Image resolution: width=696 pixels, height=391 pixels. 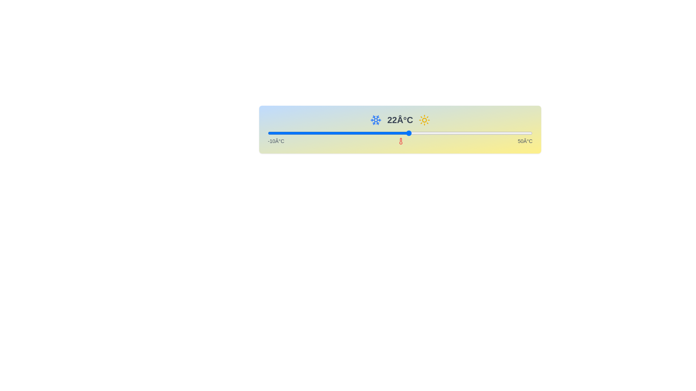 What do you see at coordinates (369, 133) in the screenshot?
I see `the slider to set the temperature to 13 degrees Celsius` at bounding box center [369, 133].